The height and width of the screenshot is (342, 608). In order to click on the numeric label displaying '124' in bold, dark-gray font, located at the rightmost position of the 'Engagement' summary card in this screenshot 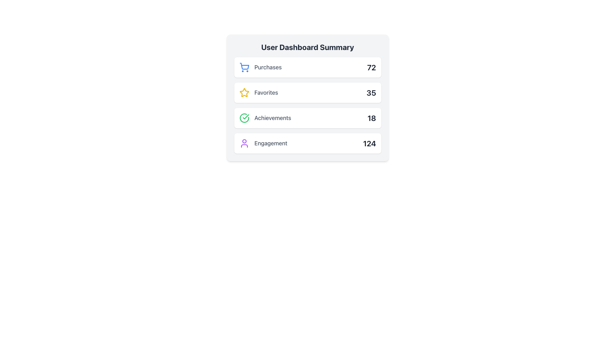, I will do `click(369, 143)`.